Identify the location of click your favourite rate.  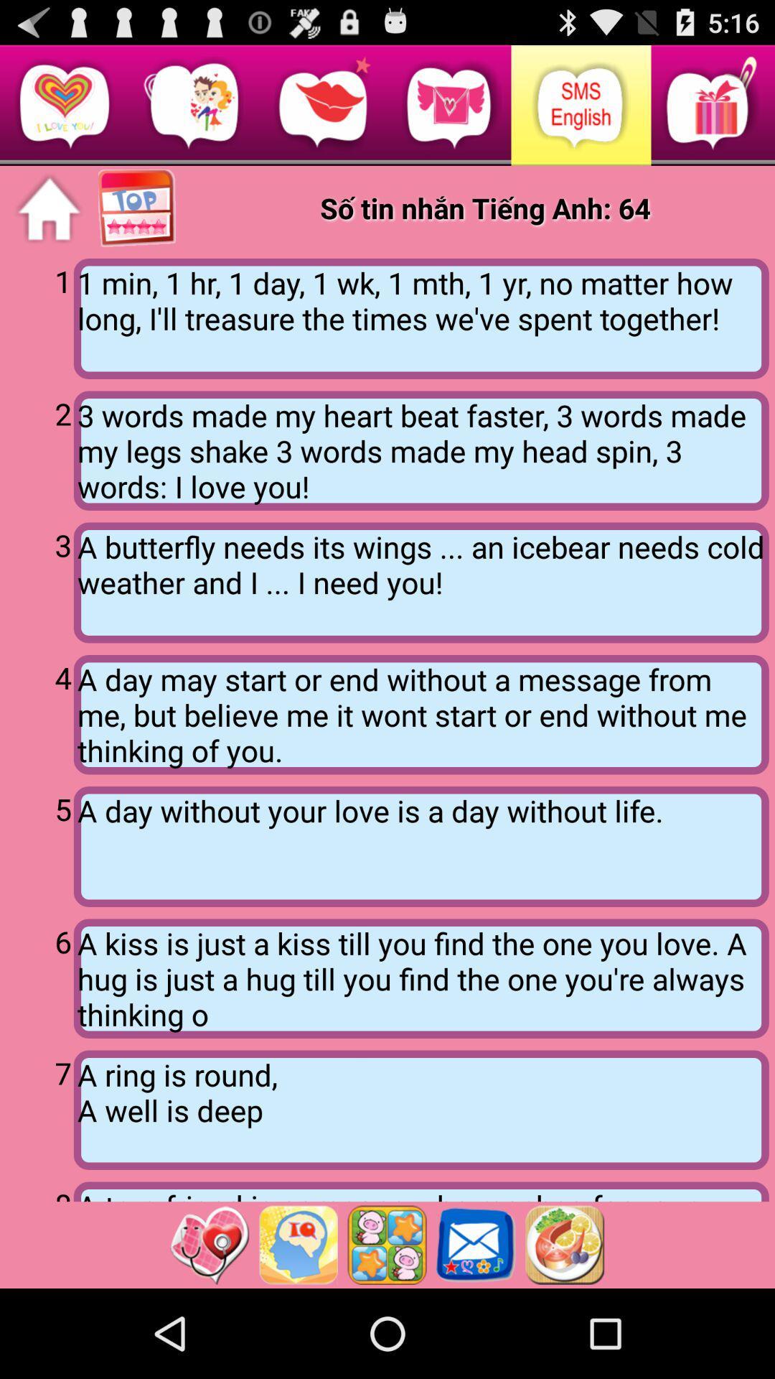
(138, 208).